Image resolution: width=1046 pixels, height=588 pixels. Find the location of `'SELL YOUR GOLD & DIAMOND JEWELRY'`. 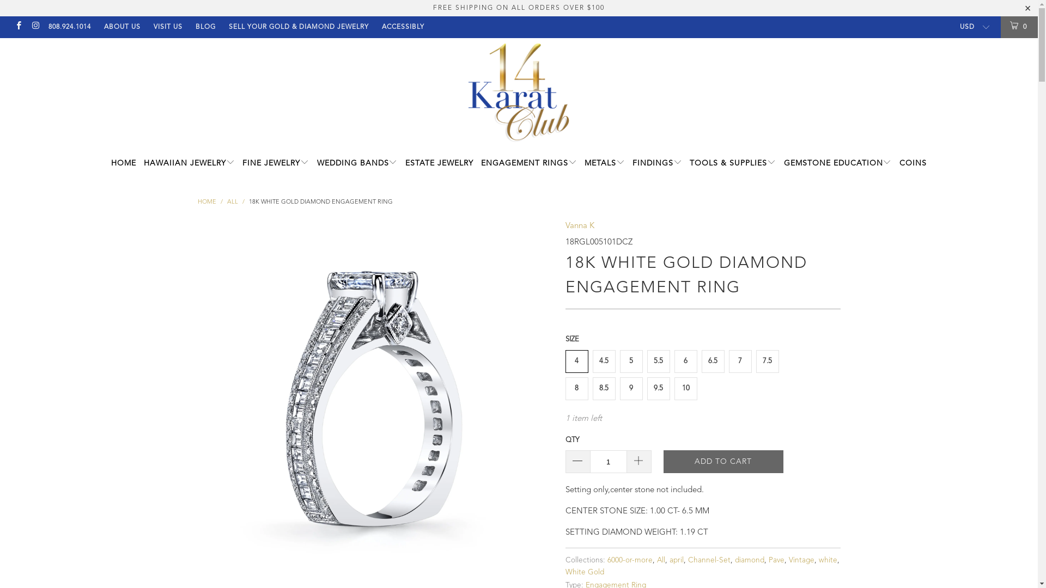

'SELL YOUR GOLD & DIAMOND JEWELRY' is located at coordinates (299, 27).